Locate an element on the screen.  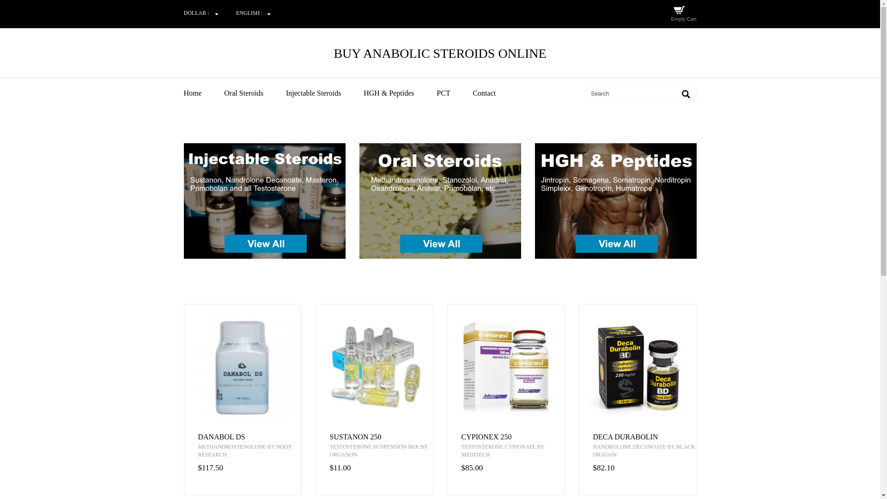
'Home' is located at coordinates (203, 93).